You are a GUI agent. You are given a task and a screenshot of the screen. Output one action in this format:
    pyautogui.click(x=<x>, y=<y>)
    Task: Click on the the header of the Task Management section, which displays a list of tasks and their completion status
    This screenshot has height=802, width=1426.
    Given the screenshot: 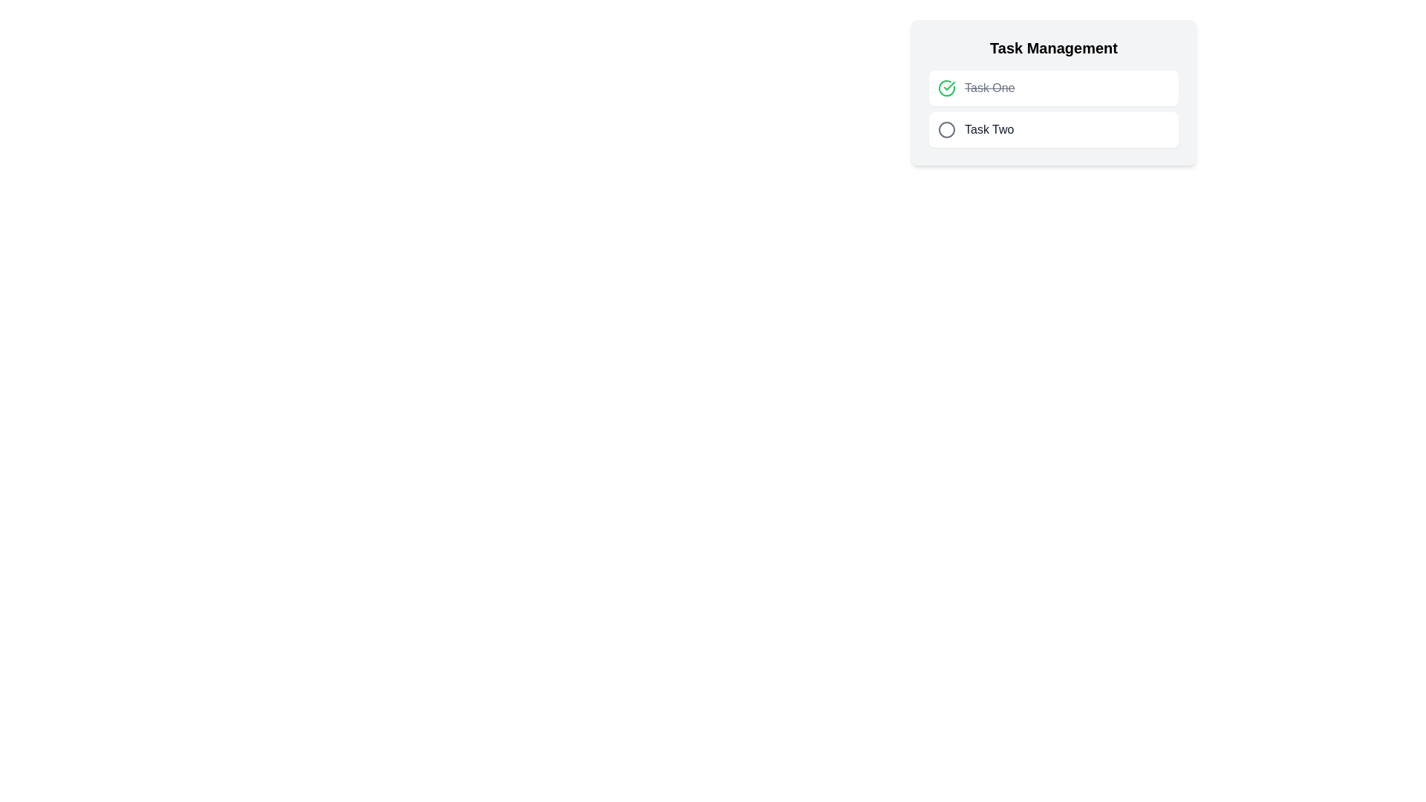 What is the action you would take?
    pyautogui.click(x=1053, y=92)
    